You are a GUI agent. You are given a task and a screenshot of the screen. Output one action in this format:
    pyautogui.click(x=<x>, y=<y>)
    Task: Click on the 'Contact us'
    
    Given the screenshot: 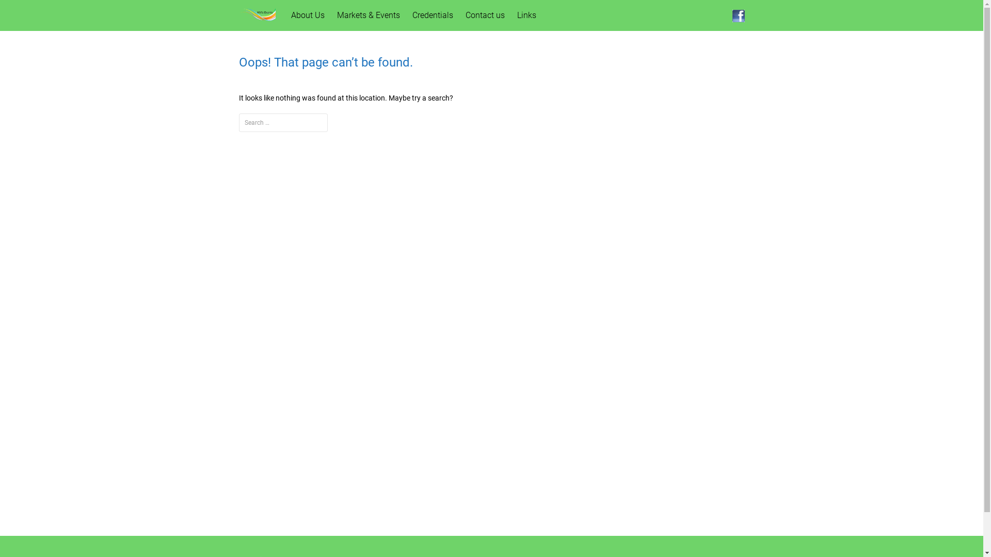 What is the action you would take?
    pyautogui.click(x=485, y=15)
    